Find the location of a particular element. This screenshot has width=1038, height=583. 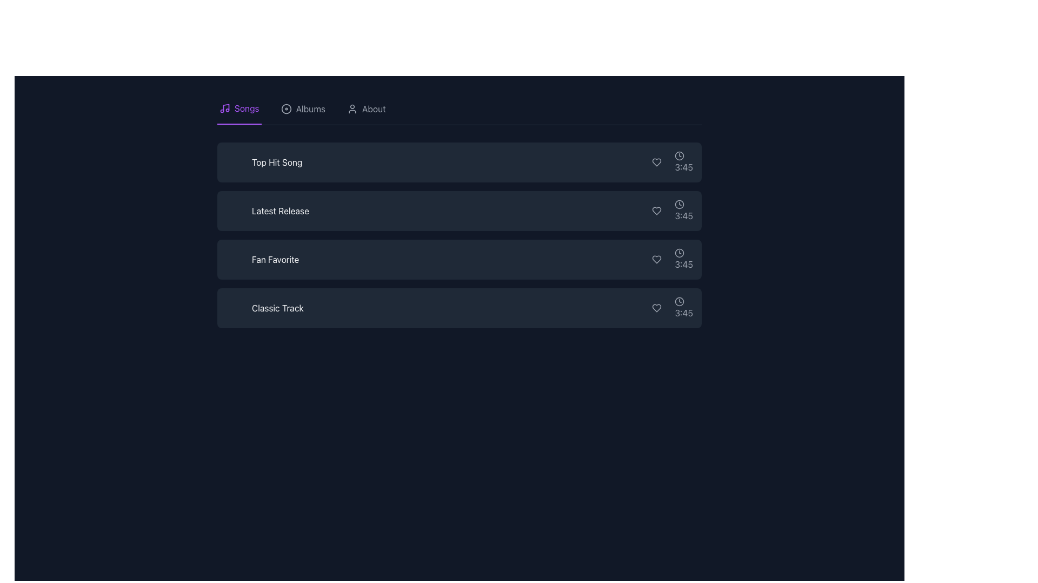

the second song item is located at coordinates (459, 234).